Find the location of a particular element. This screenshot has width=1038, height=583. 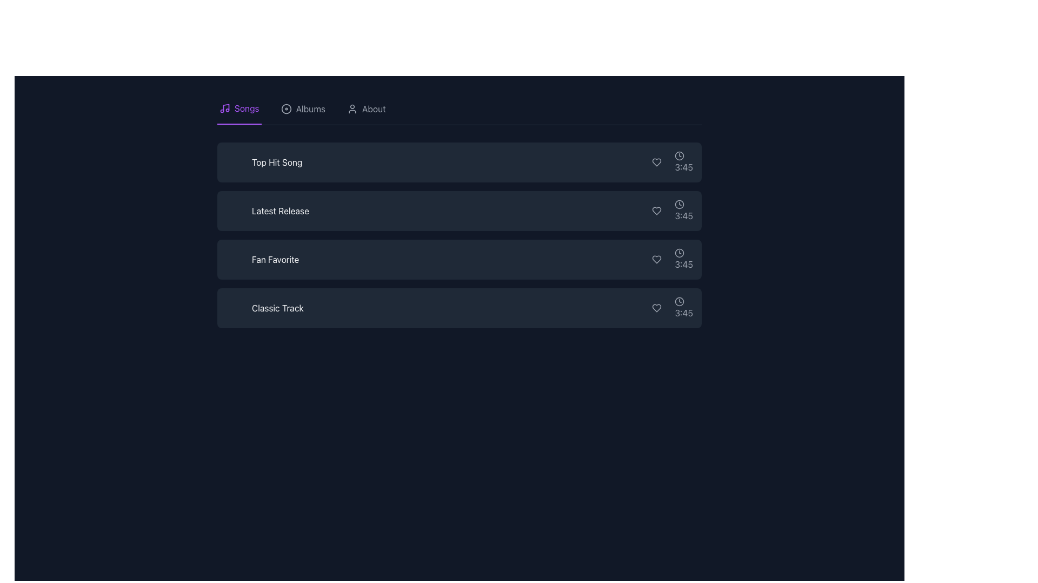

the second song item is located at coordinates (459, 234).